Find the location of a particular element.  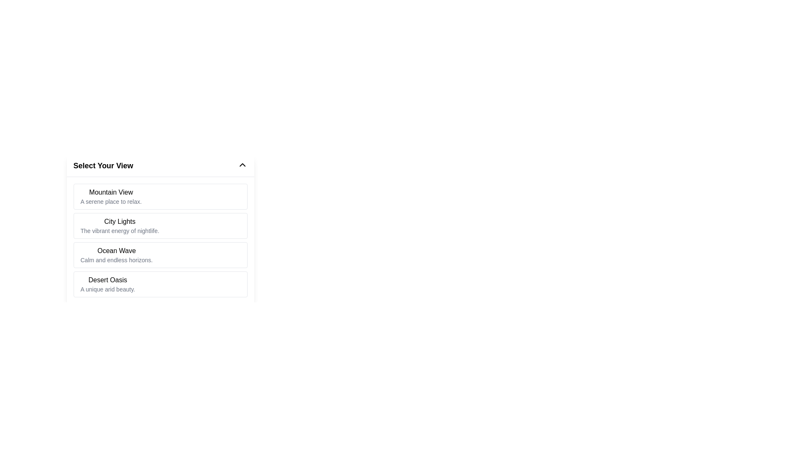

to select the list item labeled 'City Lights', which presents an option with the description 'The vibrant energy of nightlife.' It is the second item in a vertically stacked list, positioned centrally is located at coordinates (160, 225).